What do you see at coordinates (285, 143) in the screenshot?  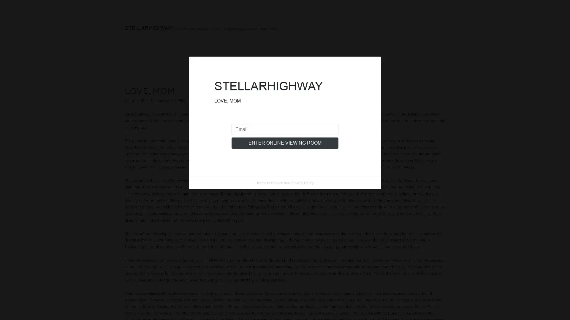 I see `ENTER ONLINE VIEWING ROOM` at bounding box center [285, 143].